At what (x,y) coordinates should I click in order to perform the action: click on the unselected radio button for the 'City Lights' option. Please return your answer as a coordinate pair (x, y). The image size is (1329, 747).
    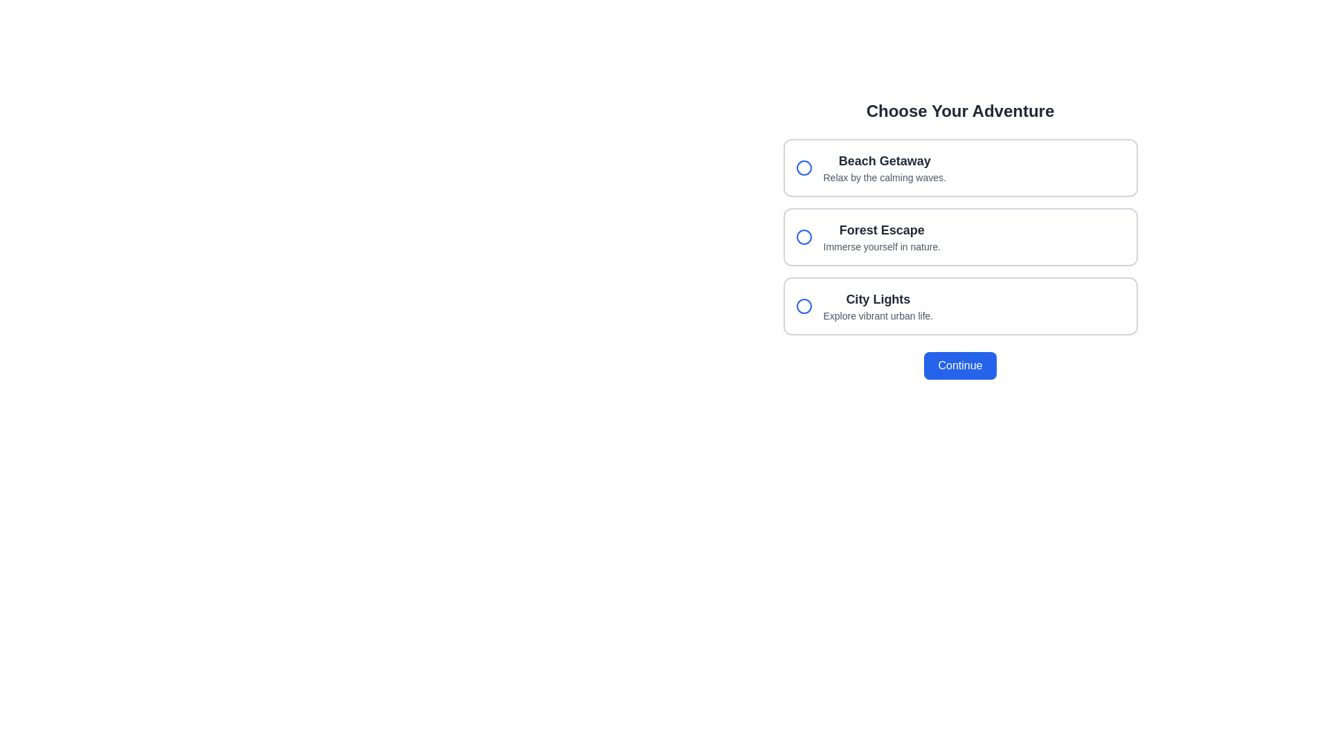
    Looking at the image, I should click on (804, 306).